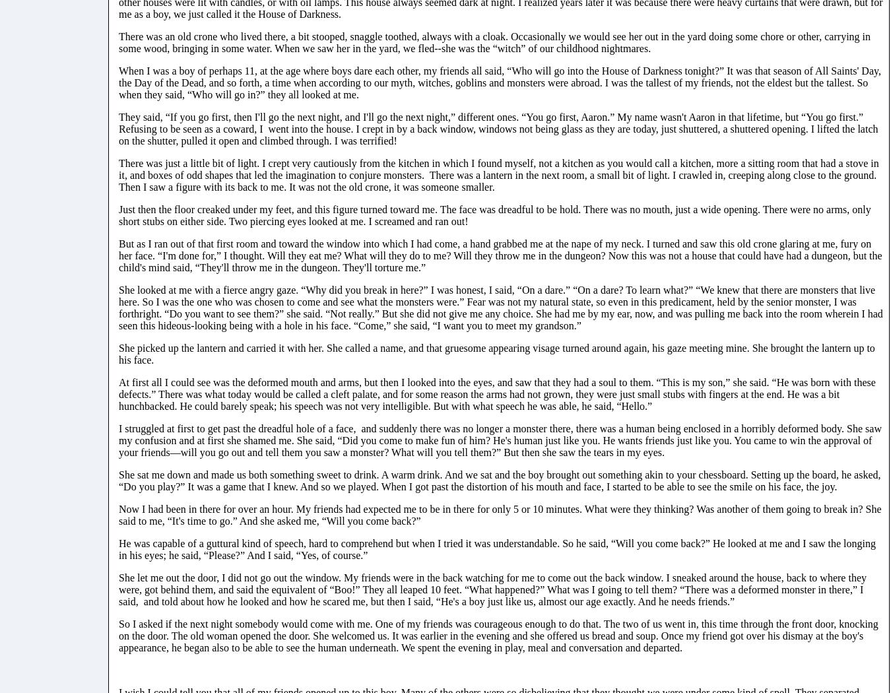 The height and width of the screenshot is (693, 891). Describe the element at coordinates (498, 479) in the screenshot. I see `'She sat me down and made us both something sweet to drink. A warm drink. And we sat and the boy brought out something akin to your chessboard. Setting up the board, he asked, “Do you play?” It was a game that I knew. And so we played. When I got past the distortion of his mouth and face, I started to be able to see the smile on his face, the joy.'` at that location.